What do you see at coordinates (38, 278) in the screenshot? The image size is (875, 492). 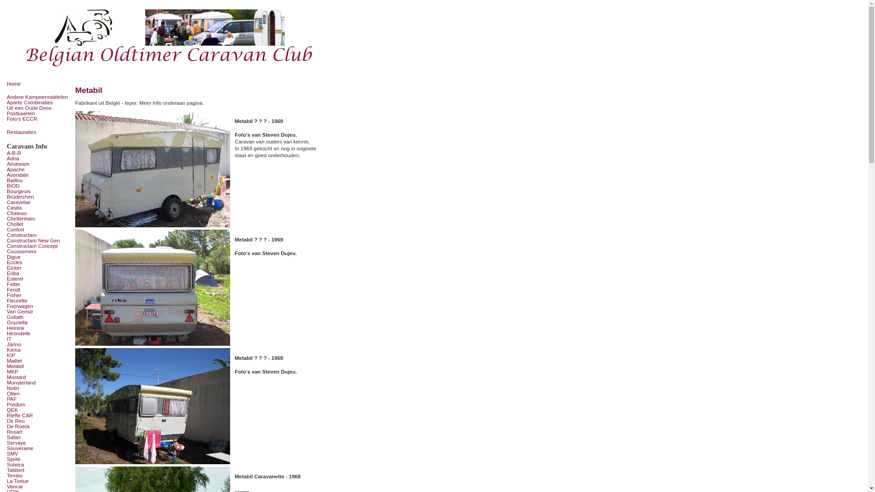 I see `'Esterel'` at bounding box center [38, 278].